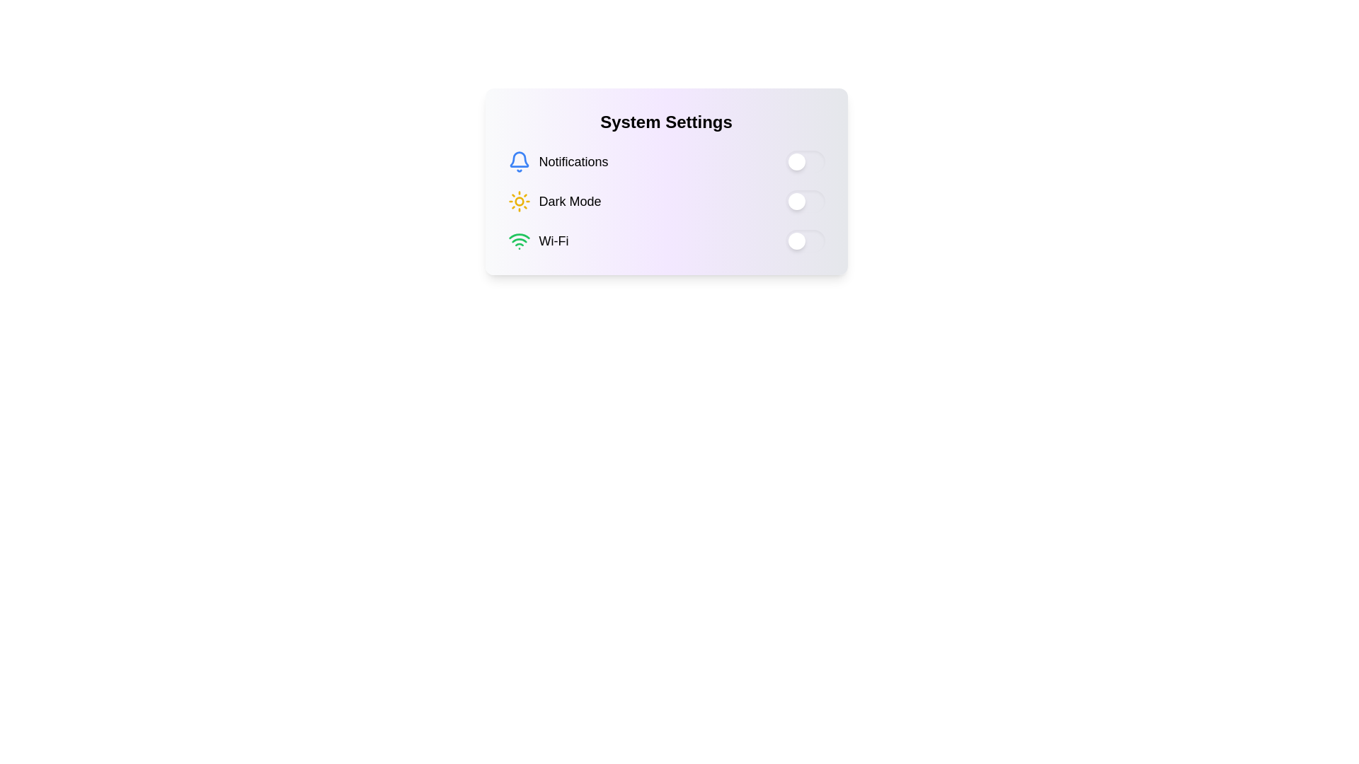 Image resolution: width=1359 pixels, height=764 pixels. Describe the element at coordinates (796, 202) in the screenshot. I see `the circular, white toggle switch handle located within the second toggle switch of the vertically aligned group of settings controls` at that location.